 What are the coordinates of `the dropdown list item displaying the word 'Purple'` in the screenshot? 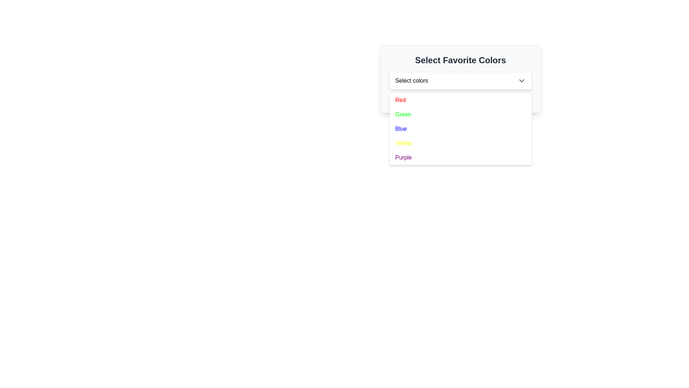 It's located at (460, 157).